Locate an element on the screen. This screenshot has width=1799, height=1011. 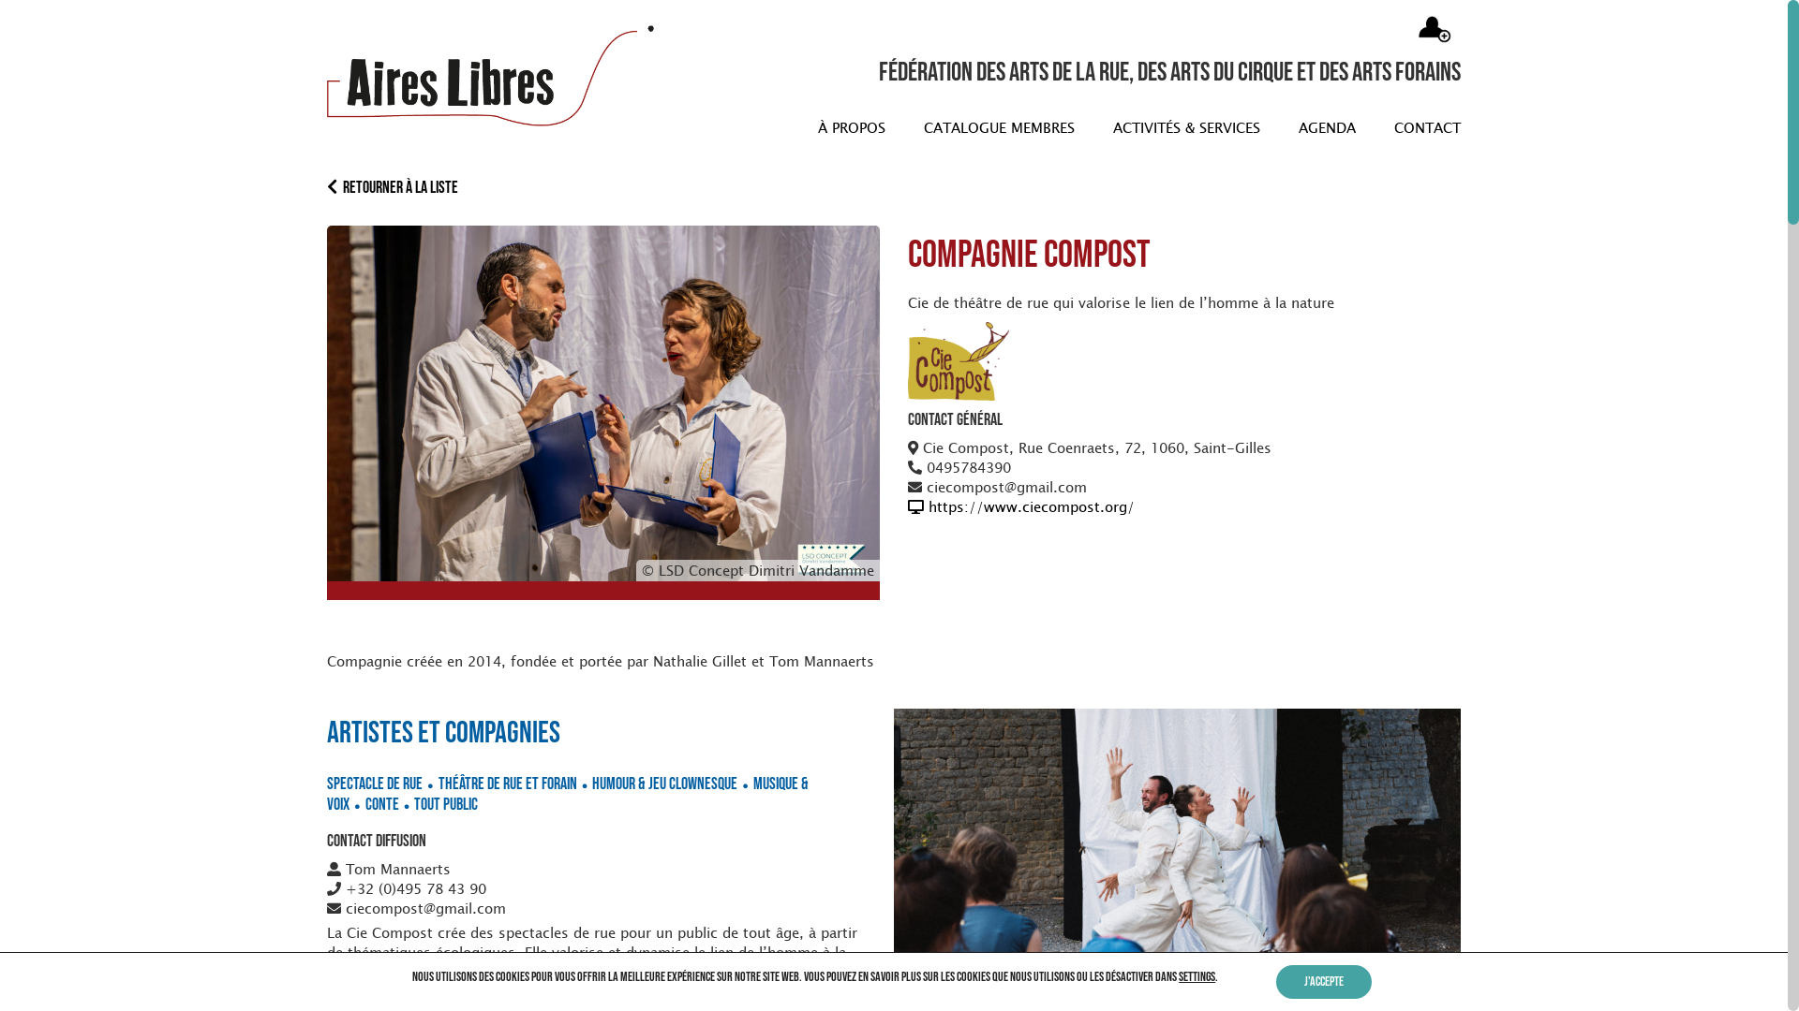
'J'accepte' is located at coordinates (1322, 981).